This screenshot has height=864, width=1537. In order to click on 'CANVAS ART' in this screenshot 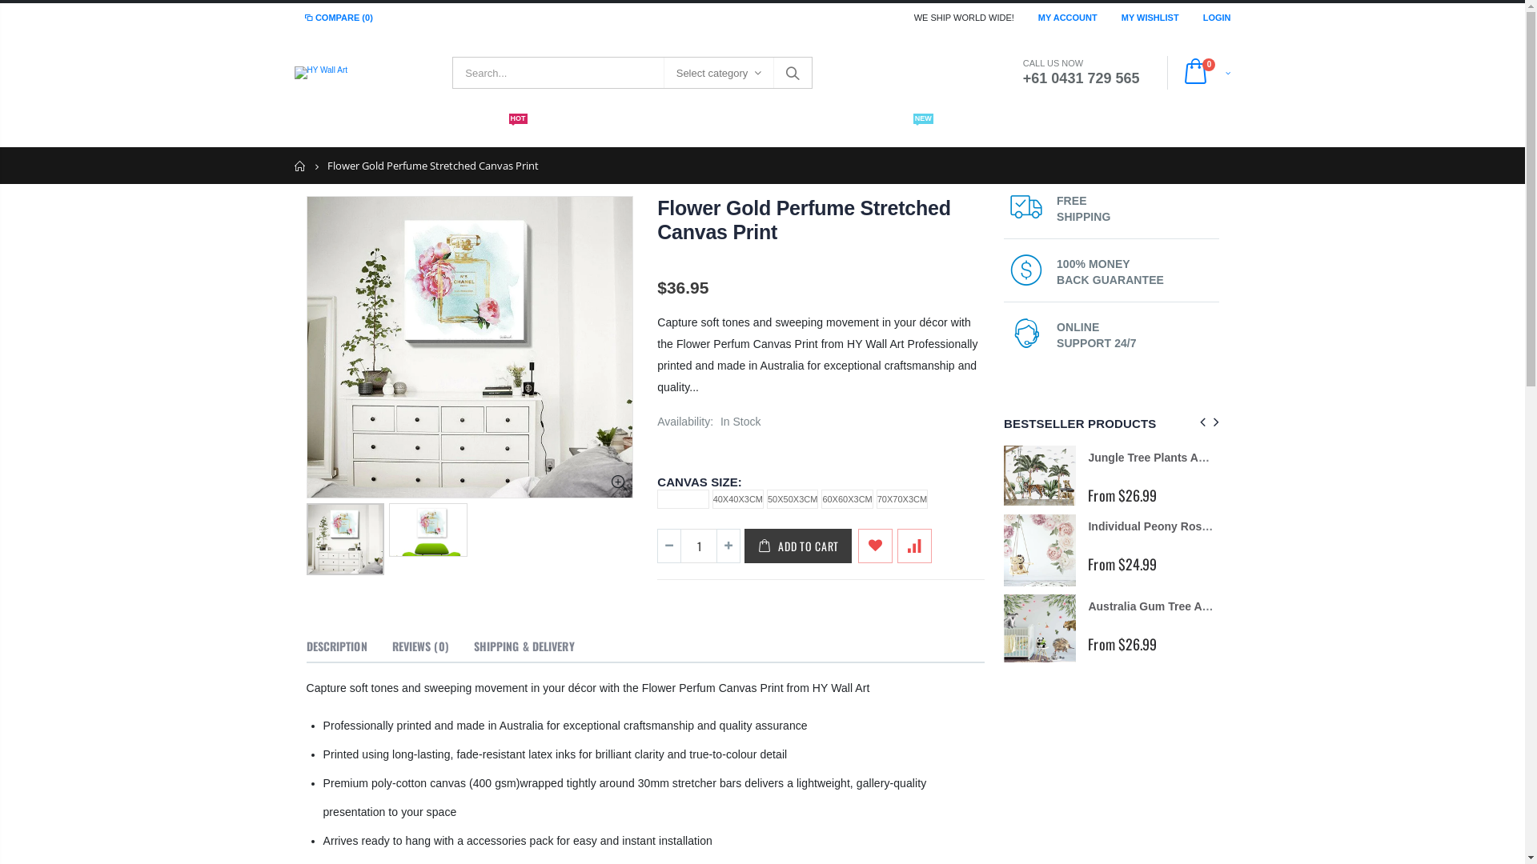, I will do `click(637, 129)`.